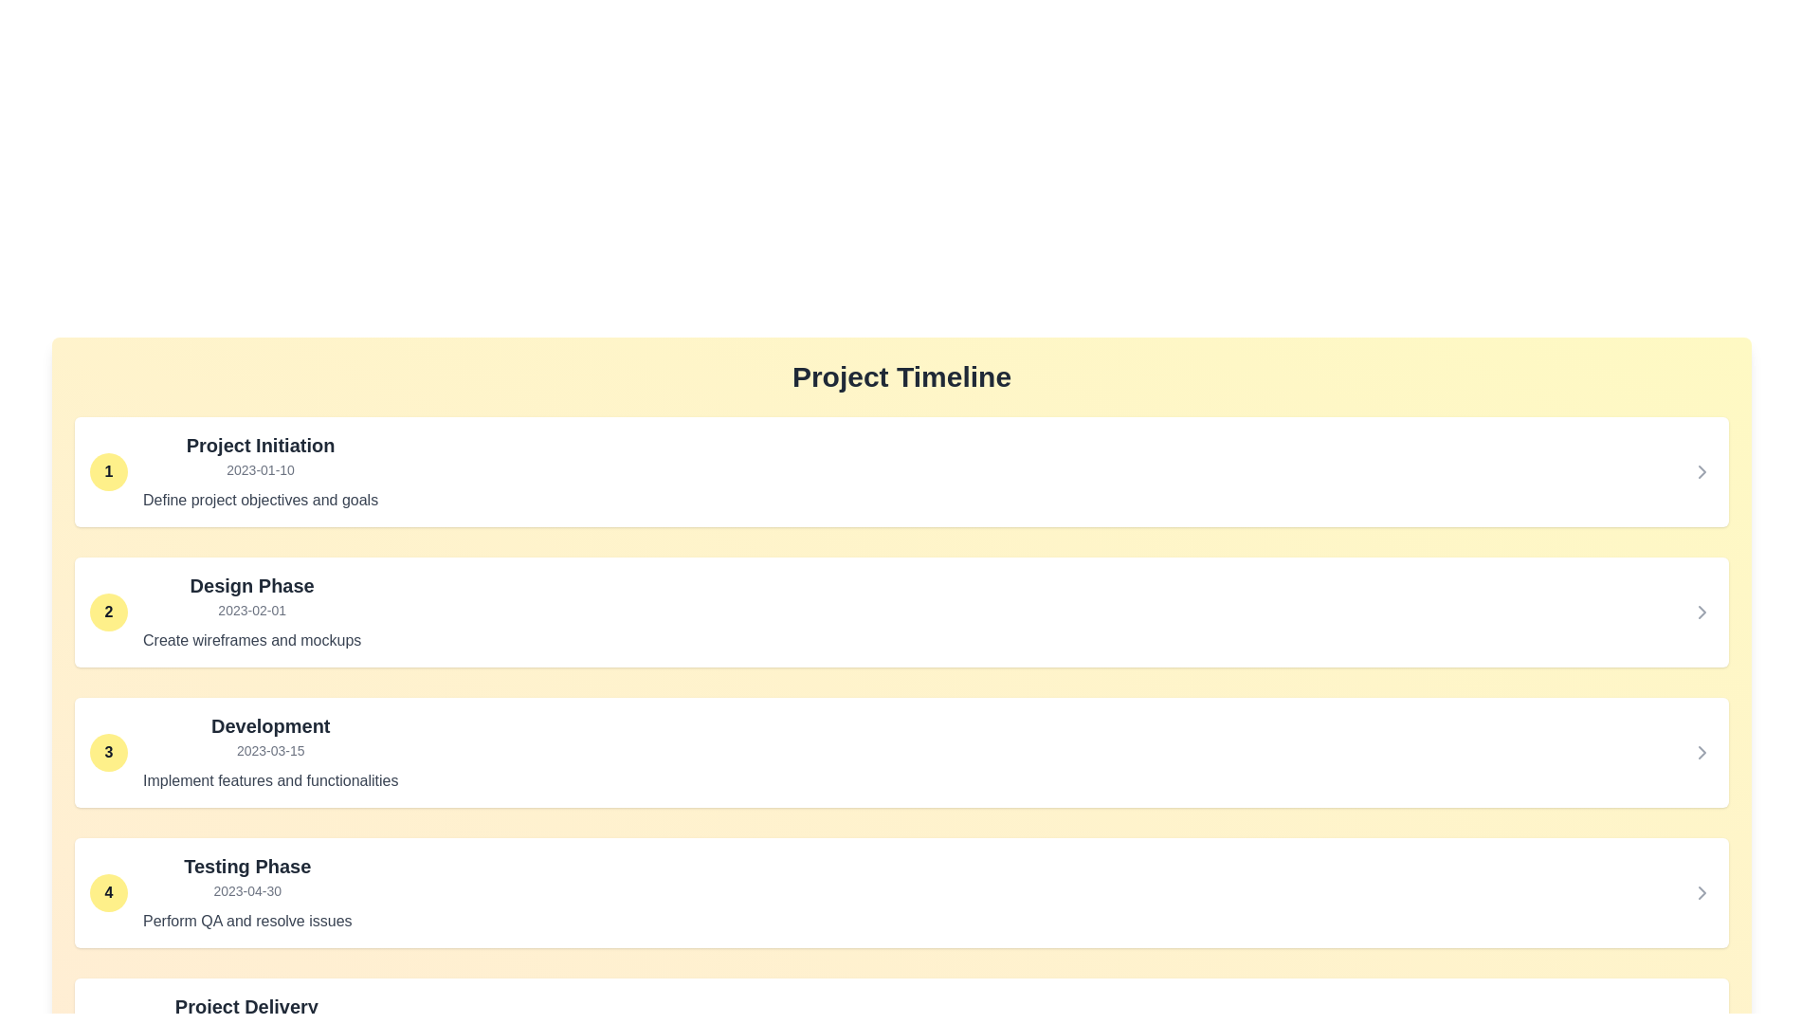 The height and width of the screenshot is (1024, 1820). Describe the element at coordinates (1702, 470) in the screenshot. I see `the rightward-pointing chevron icon enclosed in a square at the far right end of the 'Project Initiation' card in the 'Project Timeline' section` at that location.